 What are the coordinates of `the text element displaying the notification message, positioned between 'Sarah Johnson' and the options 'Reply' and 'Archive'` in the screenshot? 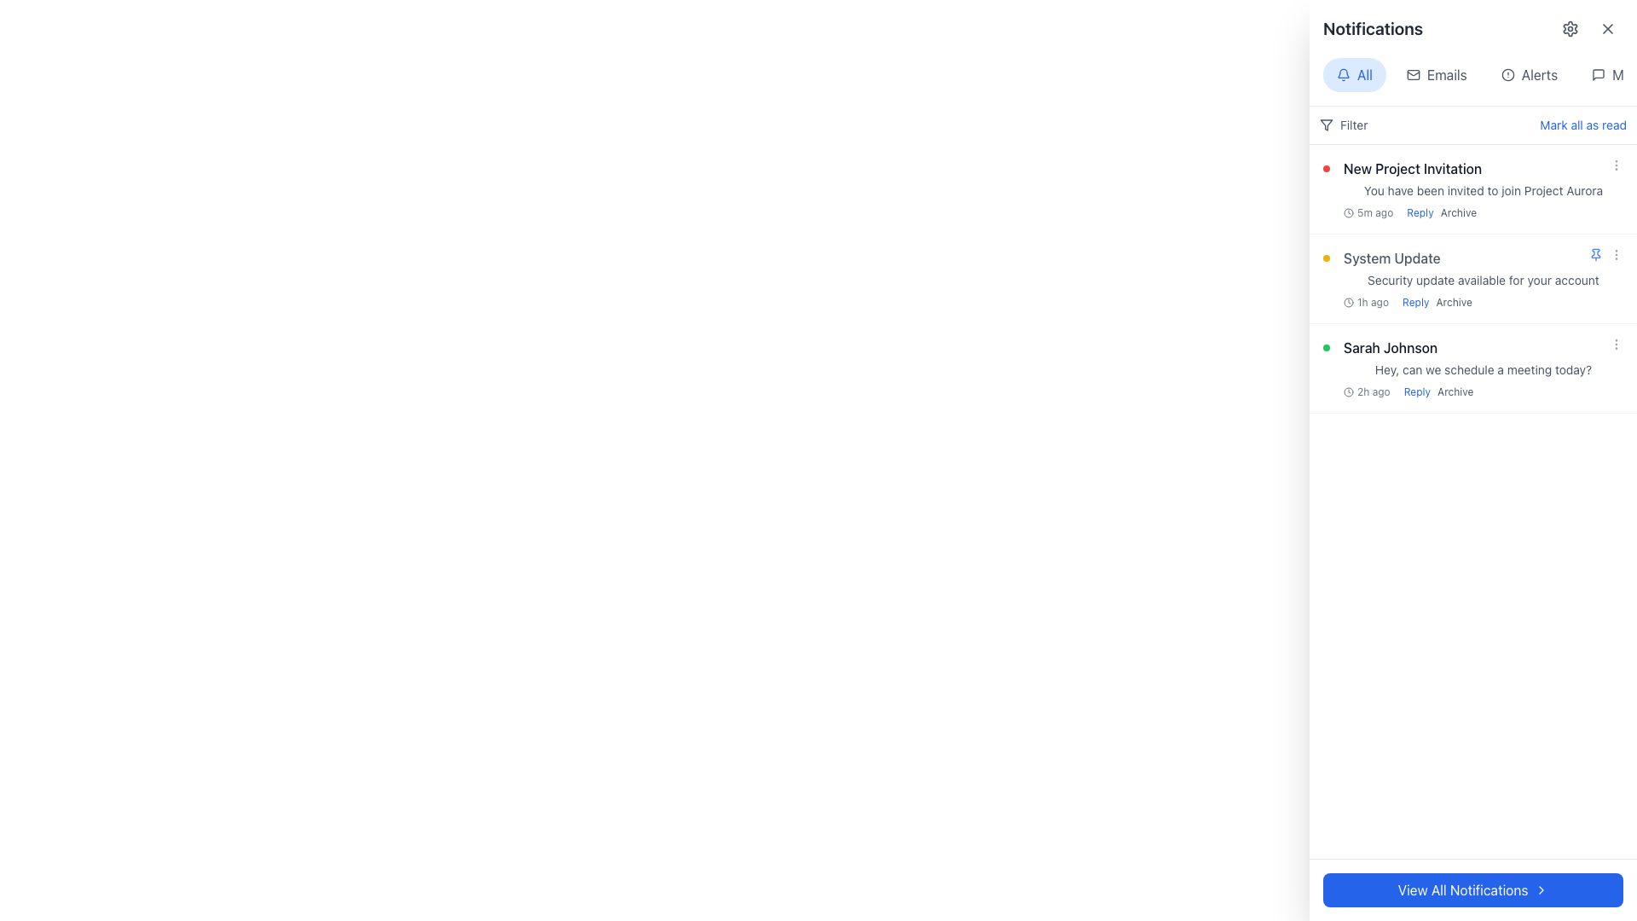 It's located at (1482, 369).